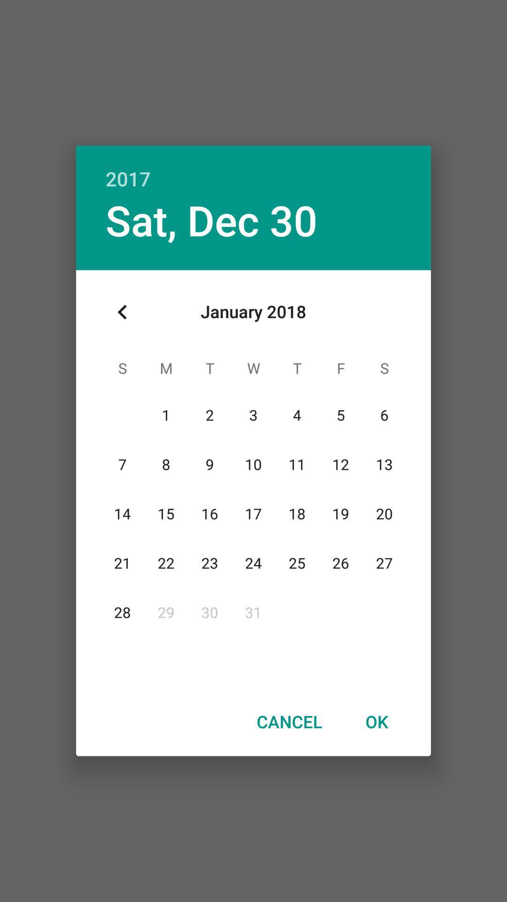 This screenshot has height=902, width=507. Describe the element at coordinates (289, 721) in the screenshot. I see `icon at the bottom` at that location.